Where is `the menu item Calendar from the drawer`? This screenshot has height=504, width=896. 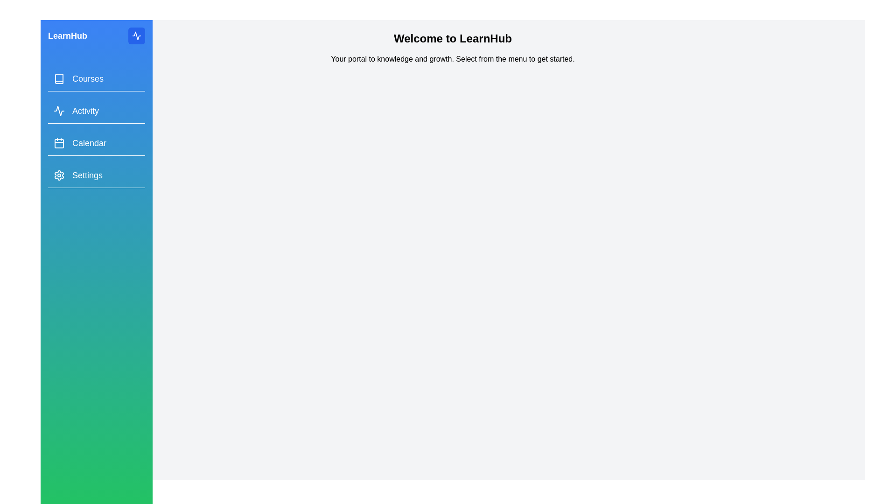
the menu item Calendar from the drawer is located at coordinates (96, 143).